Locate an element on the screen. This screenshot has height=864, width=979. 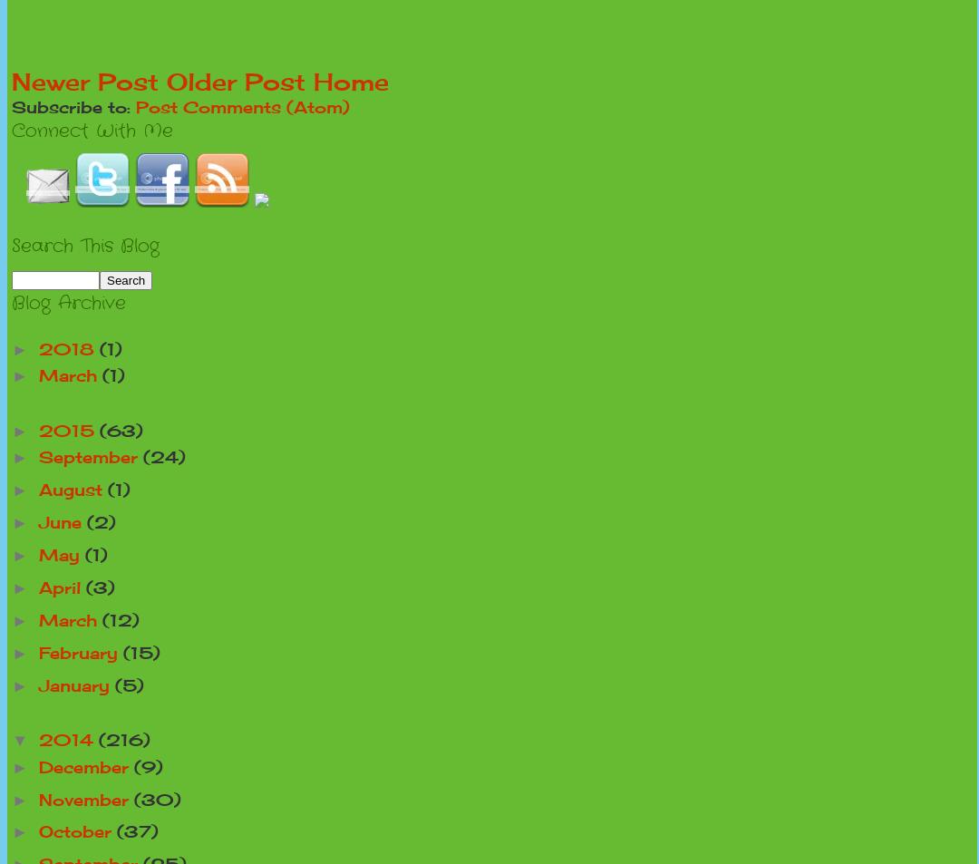
'April' is located at coordinates (38, 586).